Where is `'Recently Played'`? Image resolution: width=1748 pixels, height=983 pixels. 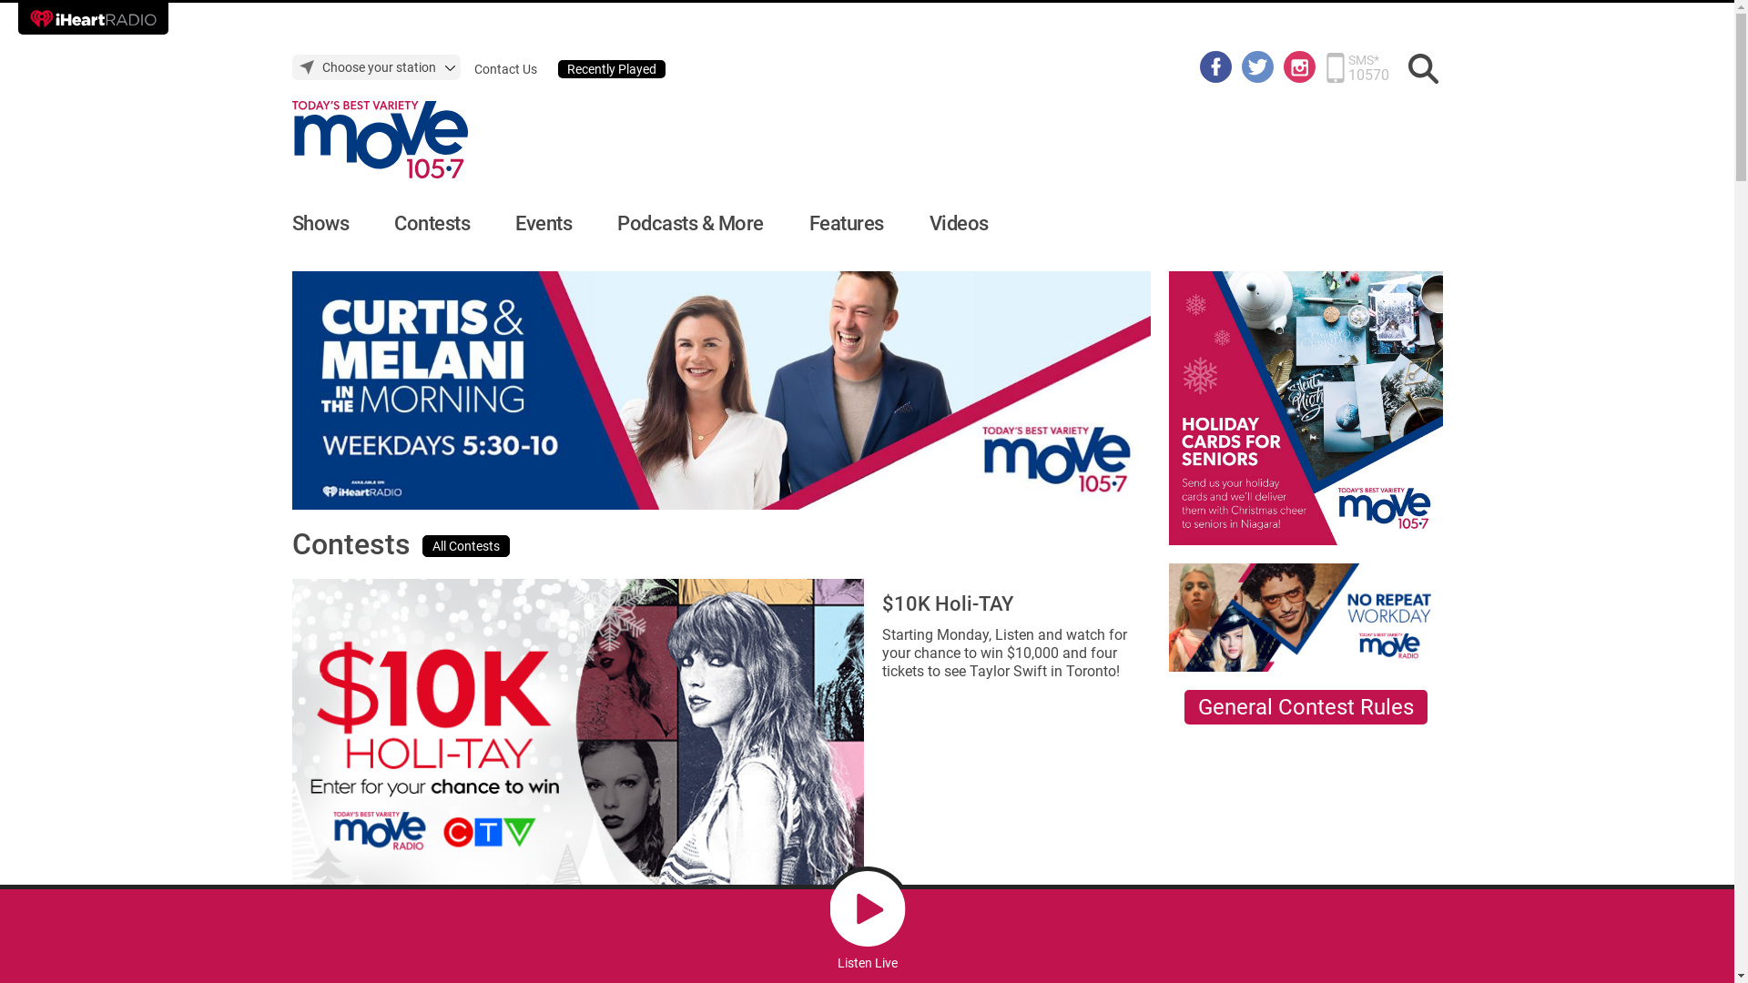
'Recently Played' is located at coordinates (611, 68).